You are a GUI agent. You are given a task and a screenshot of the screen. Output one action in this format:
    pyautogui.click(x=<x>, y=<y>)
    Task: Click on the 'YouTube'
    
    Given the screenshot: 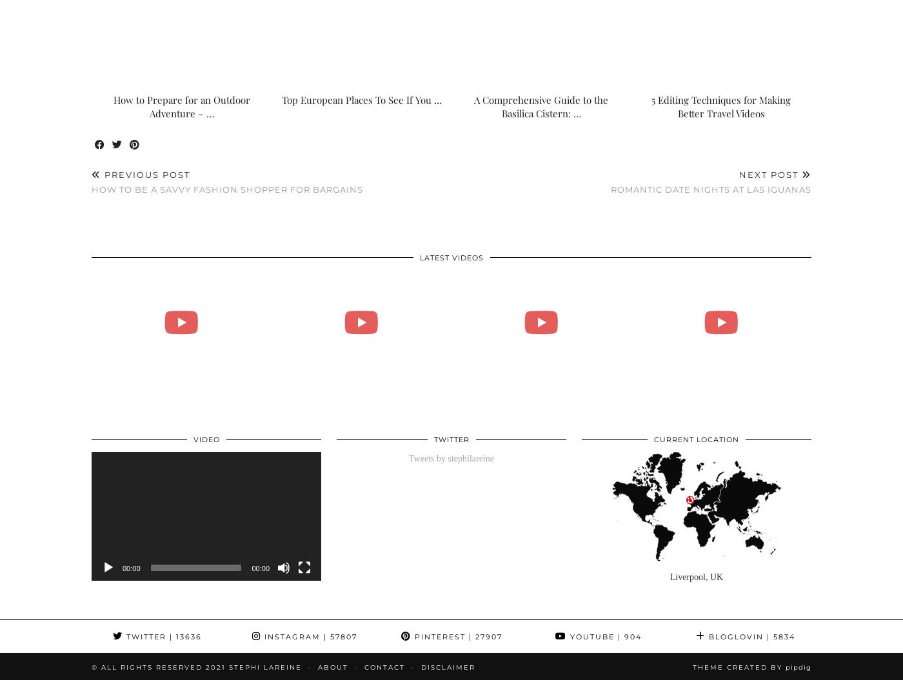 What is the action you would take?
    pyautogui.click(x=591, y=637)
    